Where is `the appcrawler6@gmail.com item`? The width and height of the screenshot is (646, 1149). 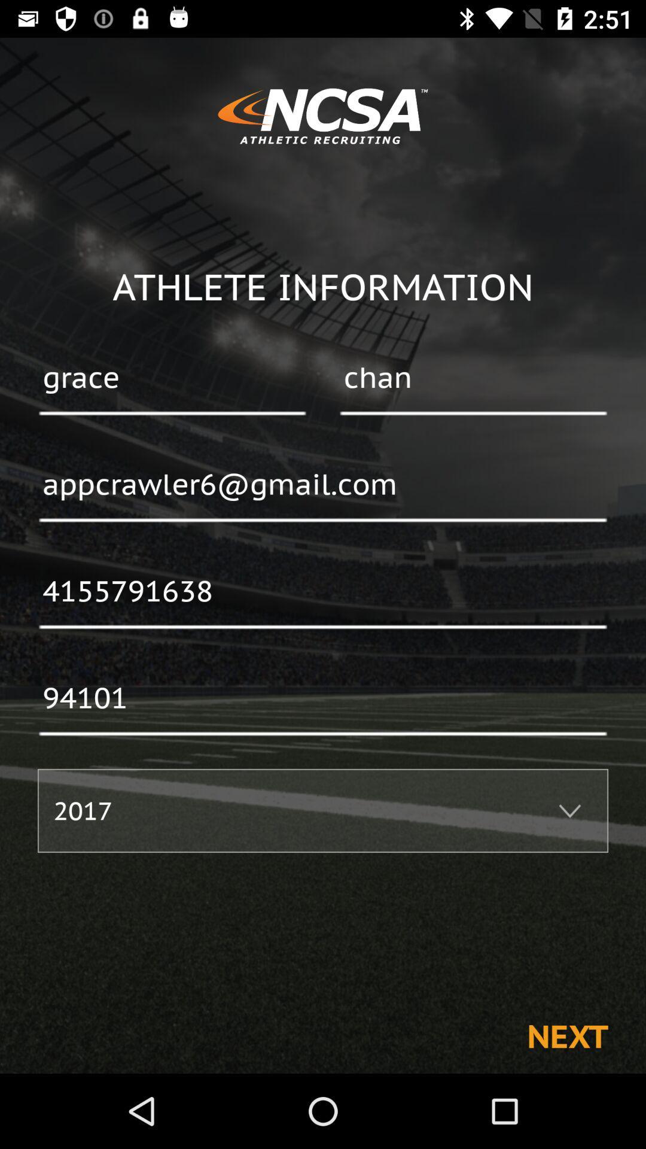
the appcrawler6@gmail.com item is located at coordinates (323, 485).